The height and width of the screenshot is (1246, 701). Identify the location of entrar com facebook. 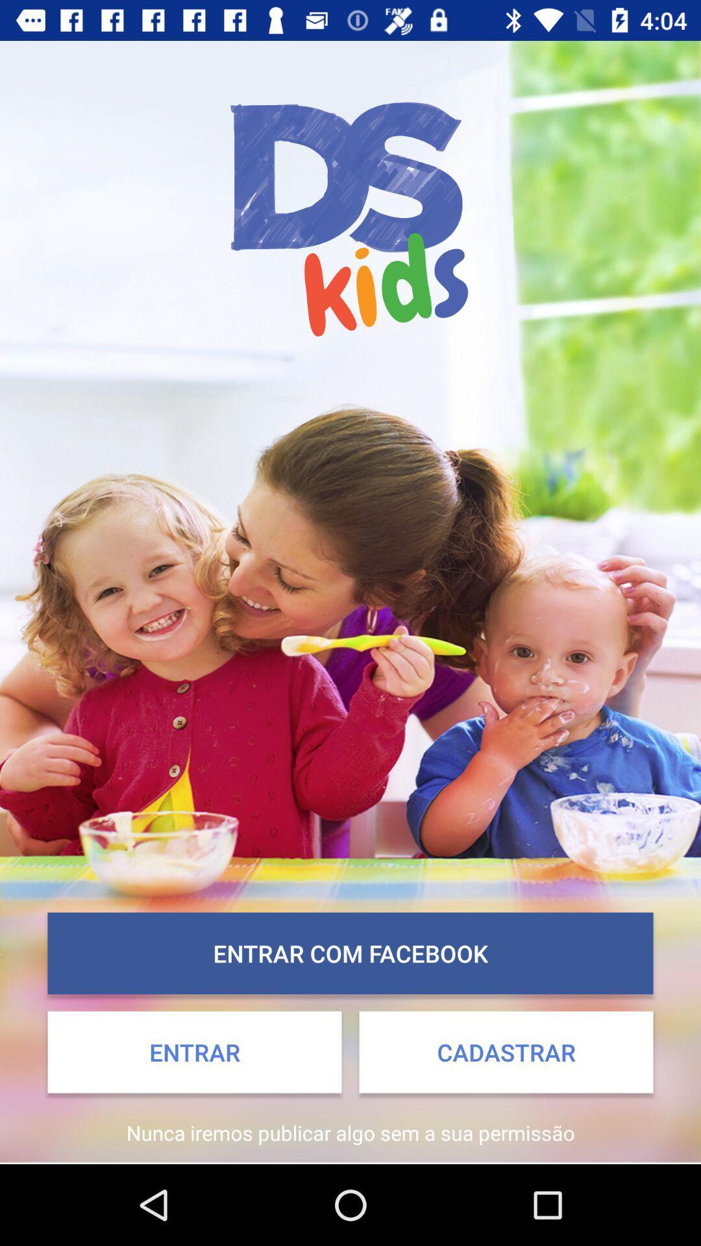
(350, 953).